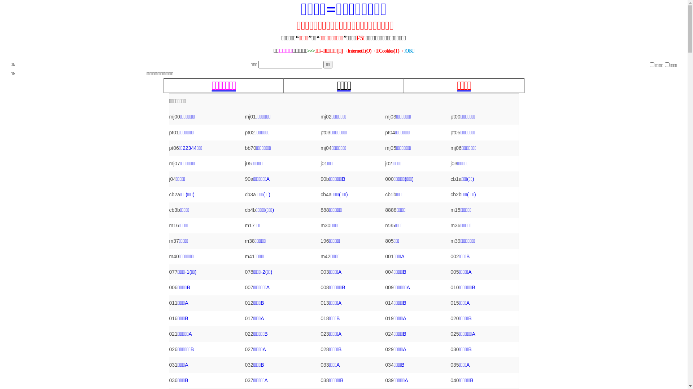  I want to click on 'm40', so click(174, 256).